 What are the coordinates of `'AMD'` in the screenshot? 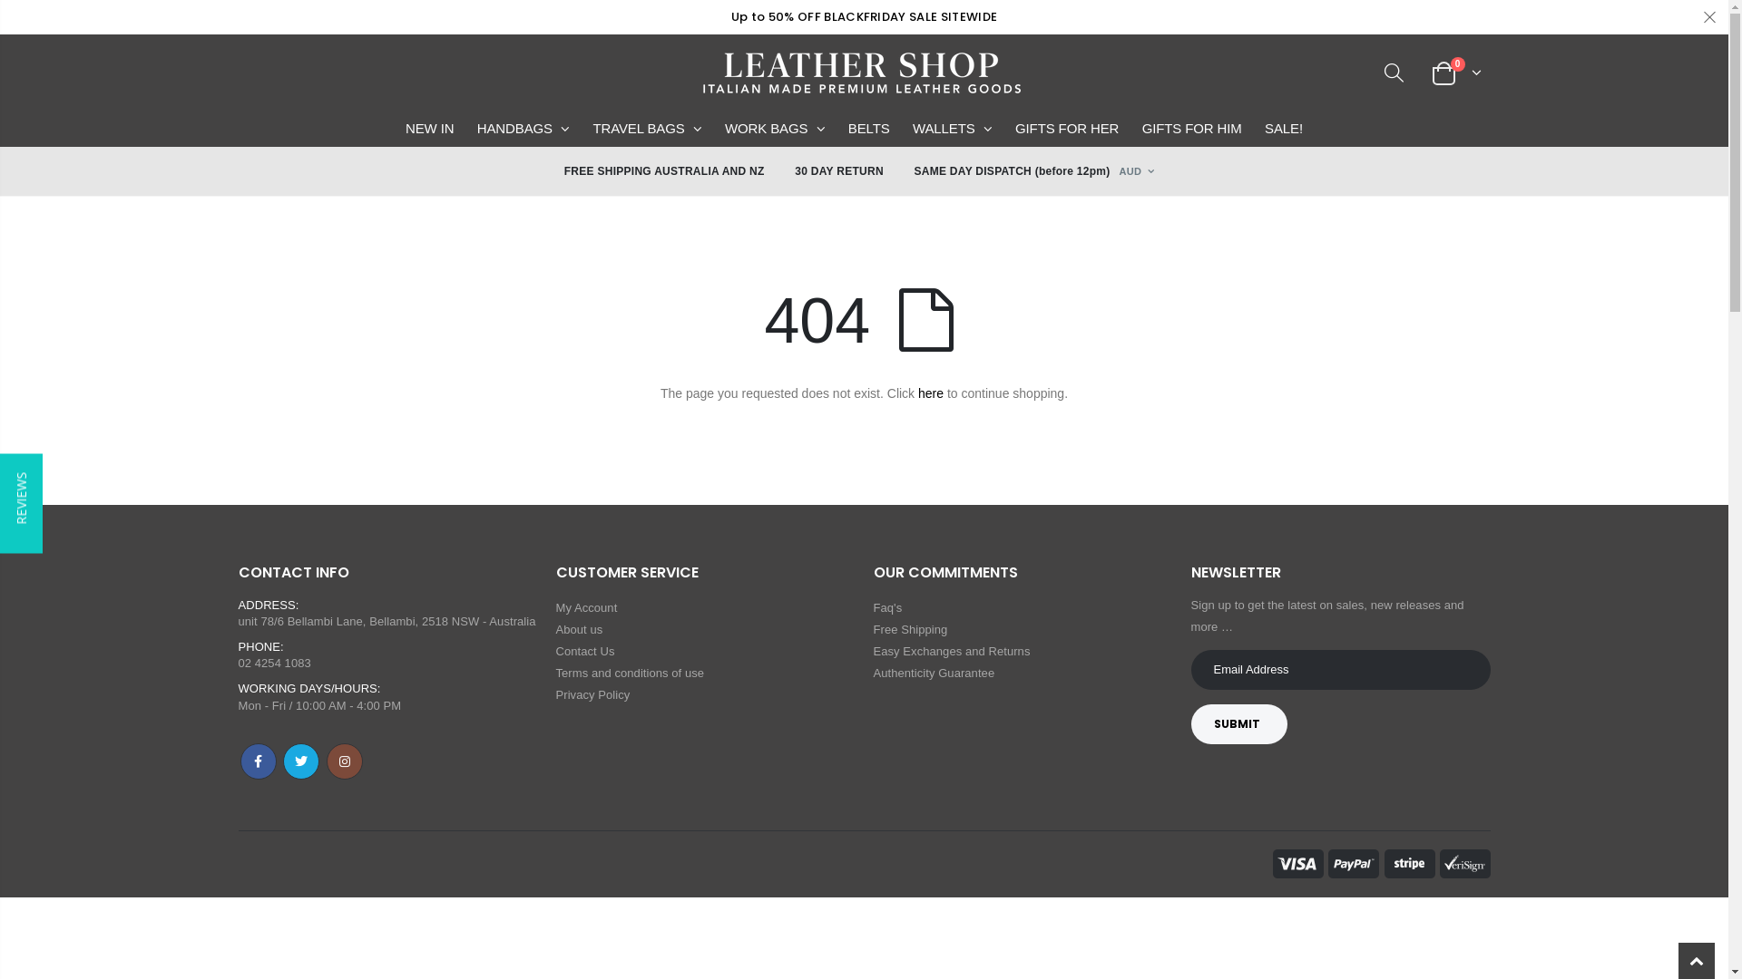 It's located at (1134, 283).